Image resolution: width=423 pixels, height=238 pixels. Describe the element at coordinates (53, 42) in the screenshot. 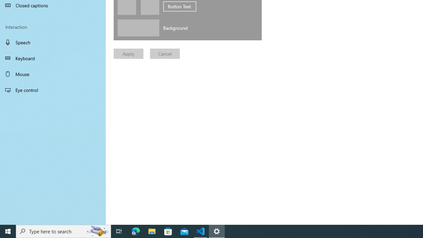

I see `'Speech'` at that location.